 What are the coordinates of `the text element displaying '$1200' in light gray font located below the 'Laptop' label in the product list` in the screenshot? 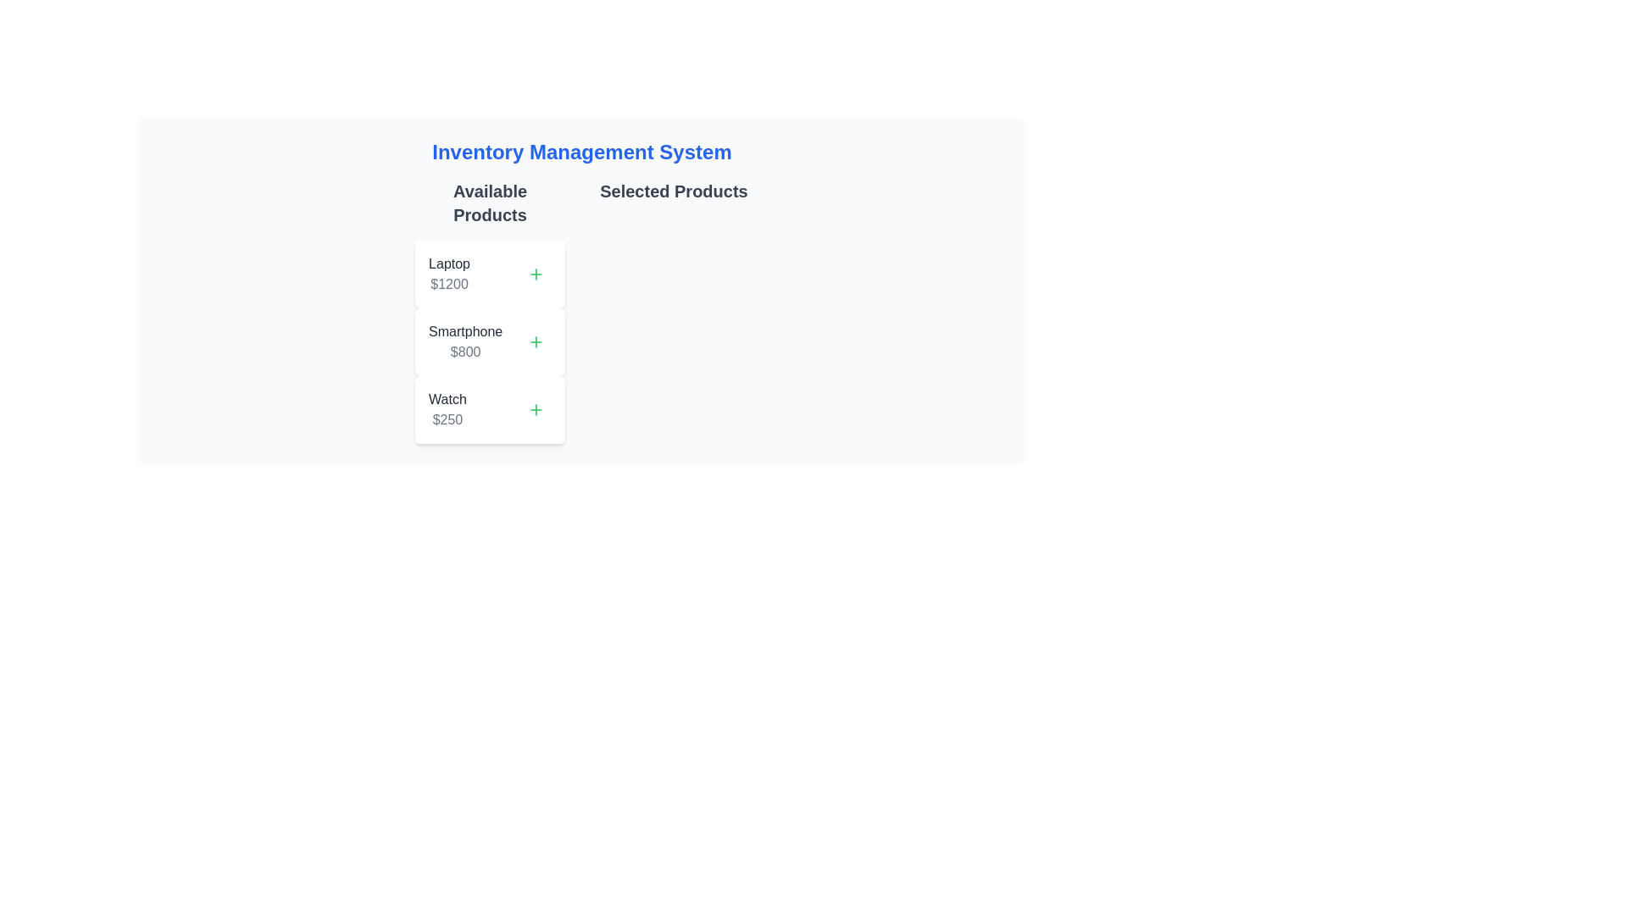 It's located at (449, 283).